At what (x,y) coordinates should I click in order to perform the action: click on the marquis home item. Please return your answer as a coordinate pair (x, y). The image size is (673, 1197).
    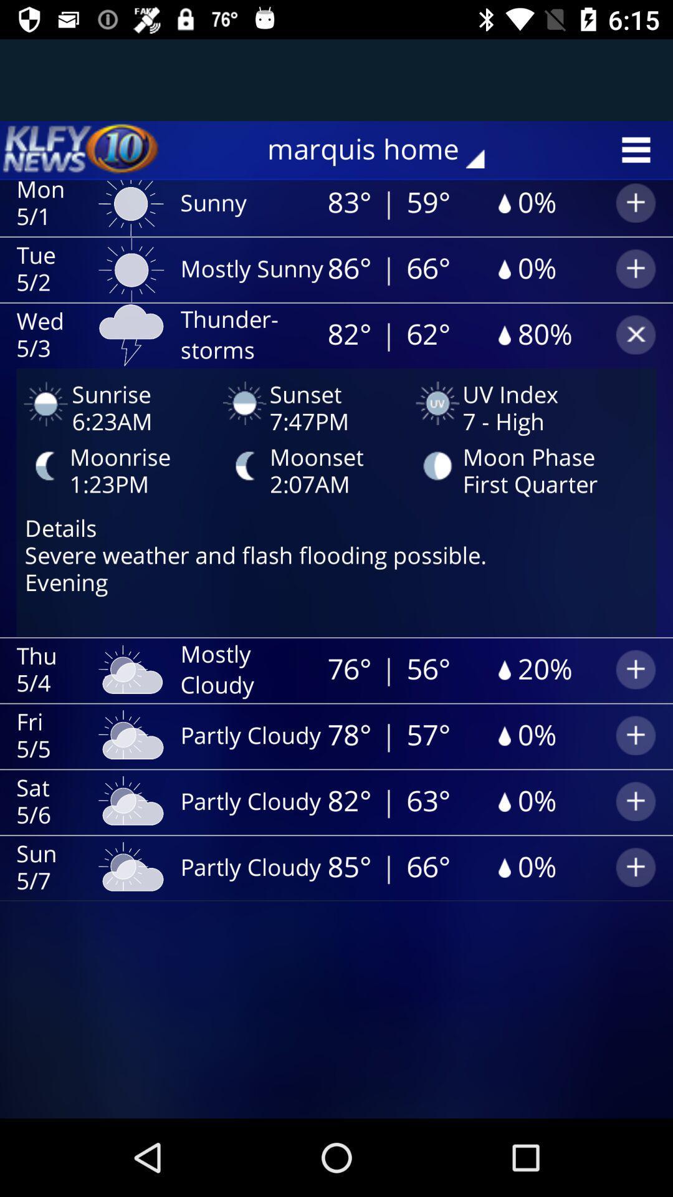
    Looking at the image, I should click on (384, 150).